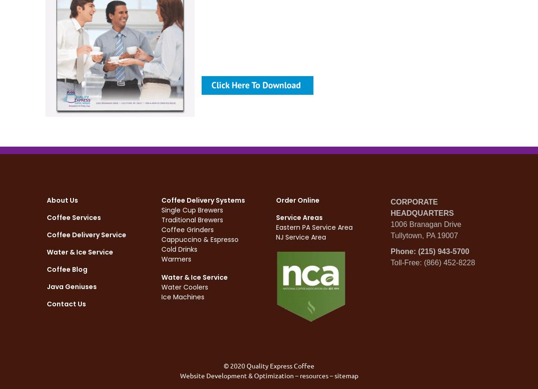  I want to click on 'resources', so click(313, 375).